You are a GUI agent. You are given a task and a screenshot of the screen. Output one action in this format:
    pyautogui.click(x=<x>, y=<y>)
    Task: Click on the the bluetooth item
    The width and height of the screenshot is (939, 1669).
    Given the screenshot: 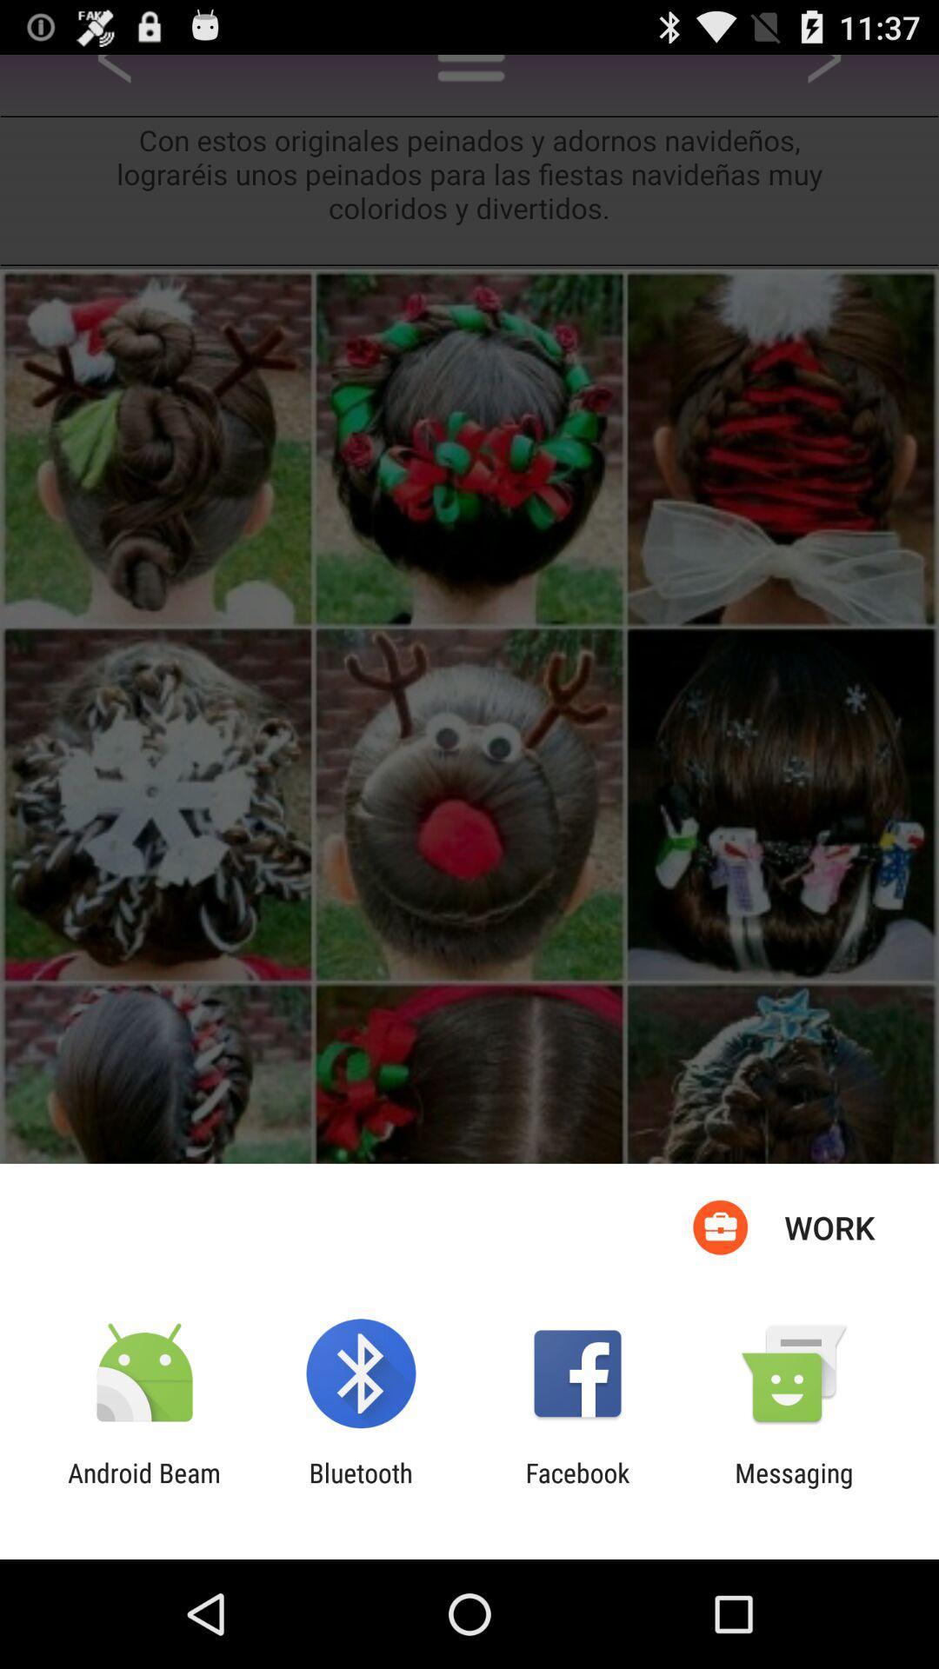 What is the action you would take?
    pyautogui.click(x=360, y=1487)
    